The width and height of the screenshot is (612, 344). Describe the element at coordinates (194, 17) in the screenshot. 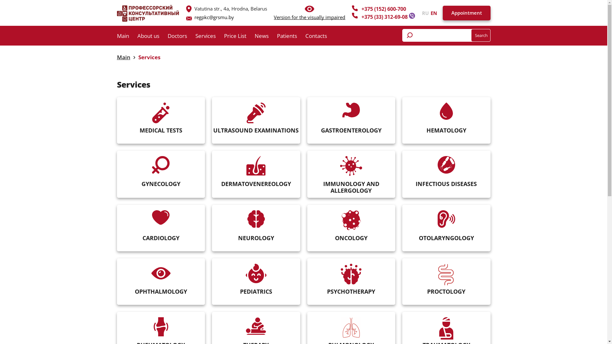

I see `'regpkc@grsmu.by'` at that location.